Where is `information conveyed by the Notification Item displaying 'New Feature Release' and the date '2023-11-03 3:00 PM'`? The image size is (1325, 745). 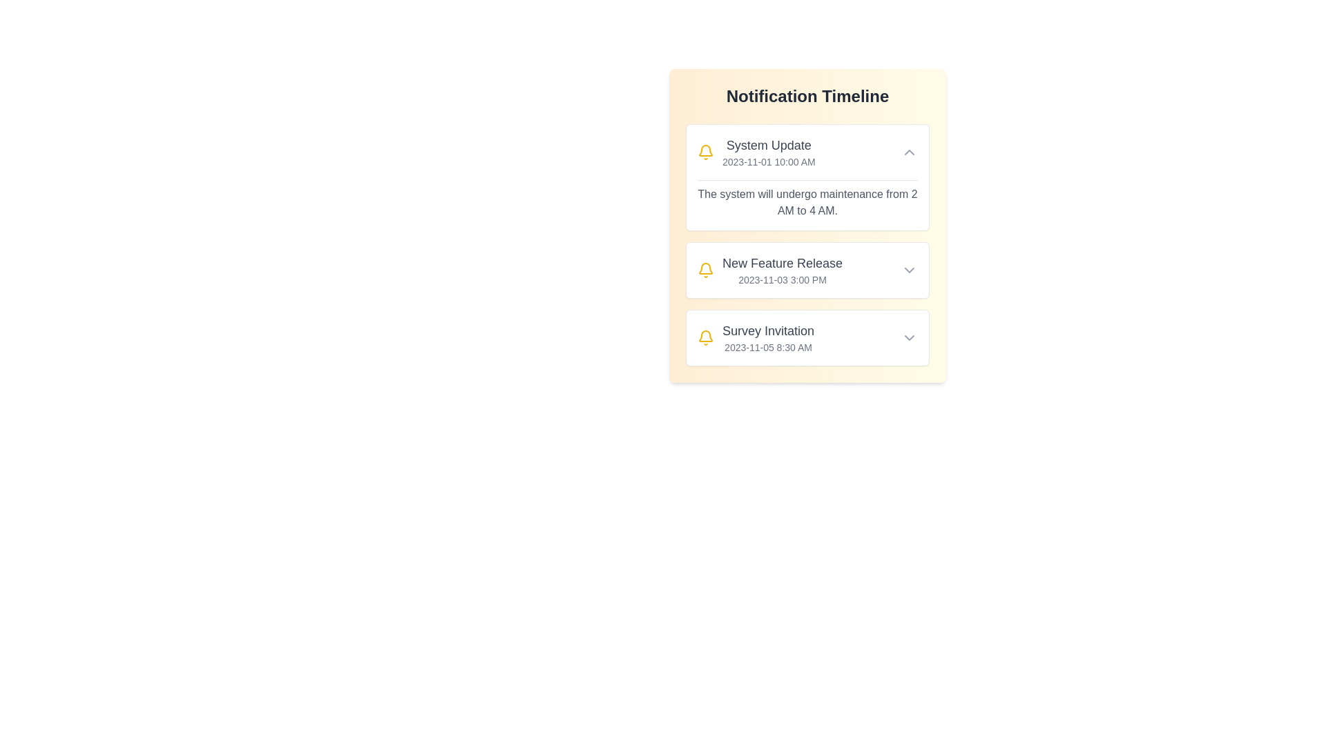
information conveyed by the Notification Item displaying 'New Feature Release' and the date '2023-11-03 3:00 PM' is located at coordinates (769, 270).